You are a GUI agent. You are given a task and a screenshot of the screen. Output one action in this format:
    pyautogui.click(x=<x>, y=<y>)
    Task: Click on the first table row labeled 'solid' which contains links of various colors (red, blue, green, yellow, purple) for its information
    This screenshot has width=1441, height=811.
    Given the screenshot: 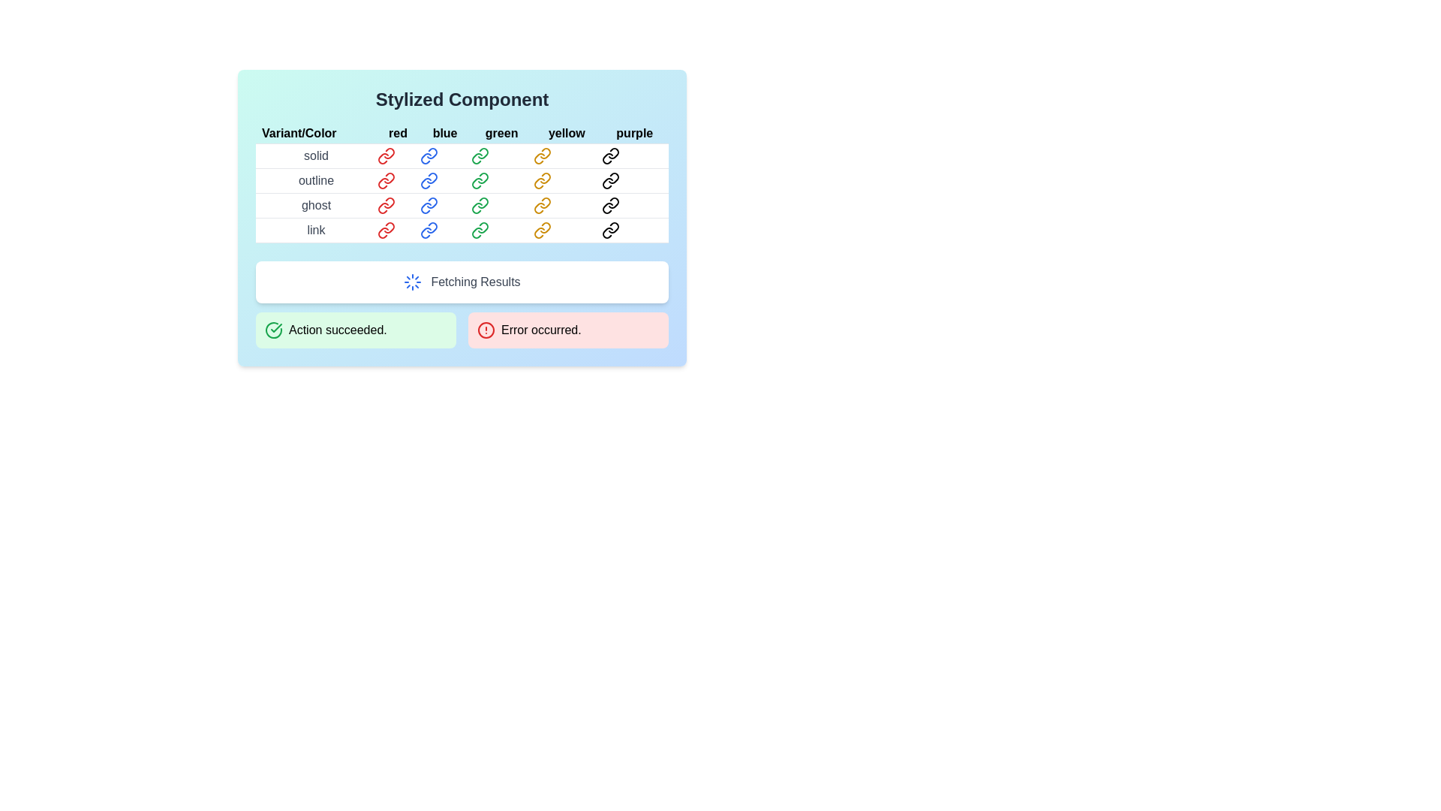 What is the action you would take?
    pyautogui.click(x=461, y=156)
    